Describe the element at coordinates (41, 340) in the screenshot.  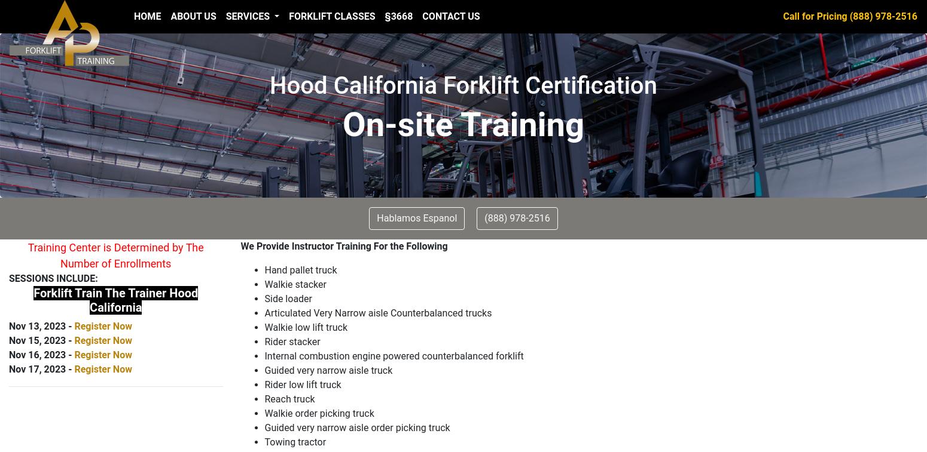
I see `'Nov 15, 2023  -'` at that location.